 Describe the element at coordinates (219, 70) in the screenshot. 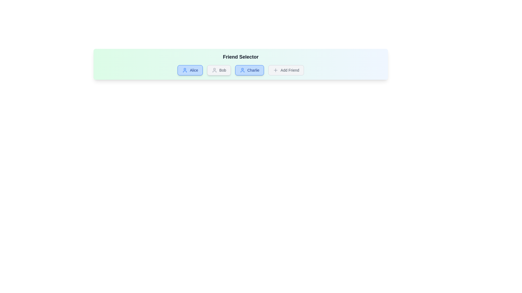

I see `the friend button labeled Bob to toggle its selection status` at that location.